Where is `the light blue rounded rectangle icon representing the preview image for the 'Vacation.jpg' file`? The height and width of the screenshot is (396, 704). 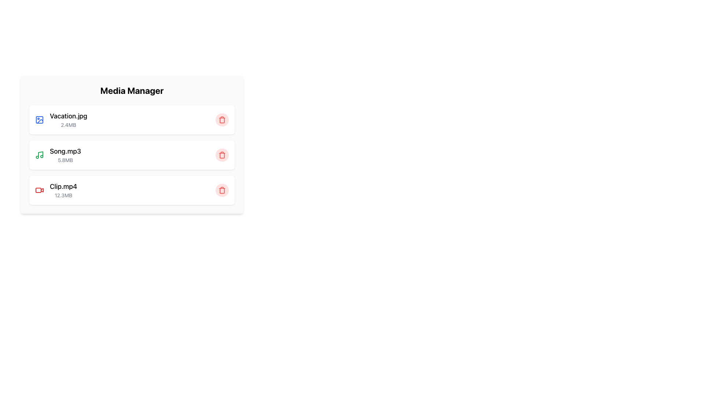 the light blue rounded rectangle icon representing the preview image for the 'Vacation.jpg' file is located at coordinates (39, 120).